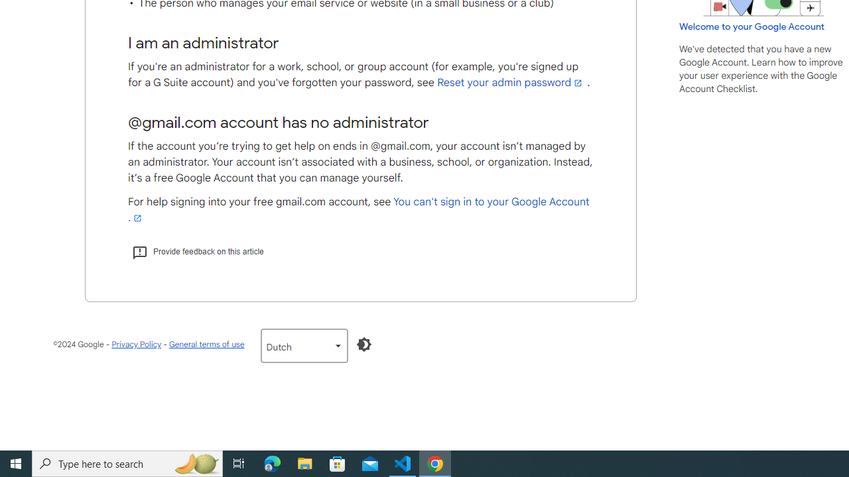  Describe the element at coordinates (206, 343) in the screenshot. I see `'General terms of use'` at that location.